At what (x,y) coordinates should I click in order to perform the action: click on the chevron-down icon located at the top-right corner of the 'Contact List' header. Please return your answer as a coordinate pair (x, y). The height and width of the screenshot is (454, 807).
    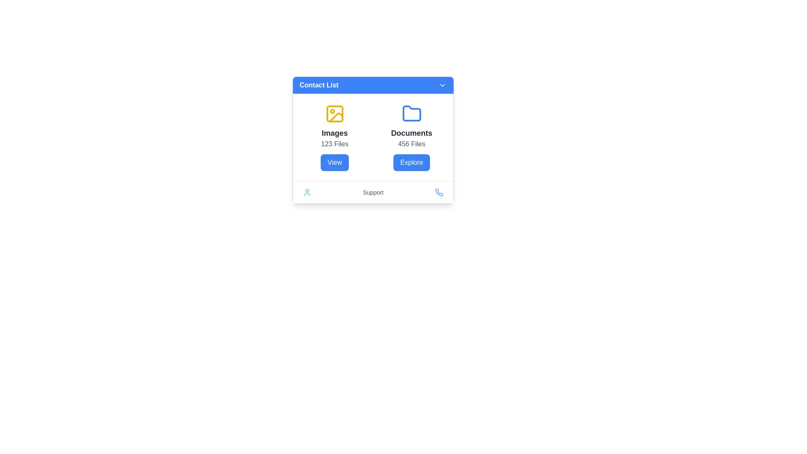
    Looking at the image, I should click on (442, 85).